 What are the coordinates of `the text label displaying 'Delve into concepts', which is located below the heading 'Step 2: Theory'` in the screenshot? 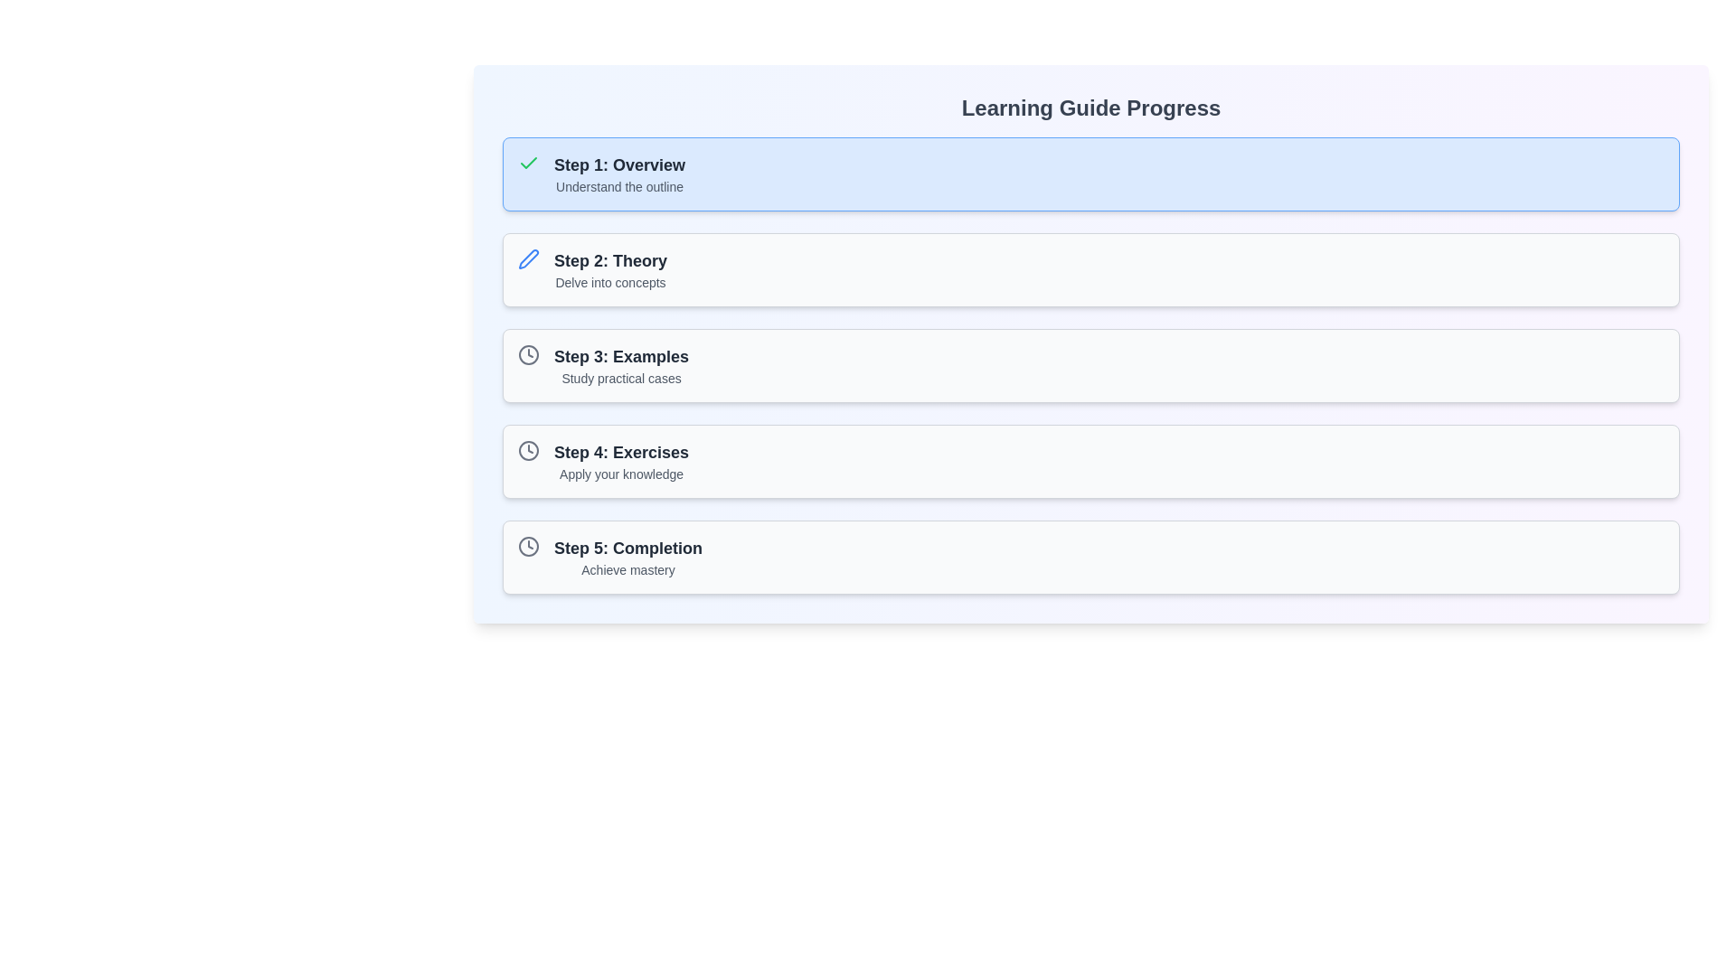 It's located at (610, 282).